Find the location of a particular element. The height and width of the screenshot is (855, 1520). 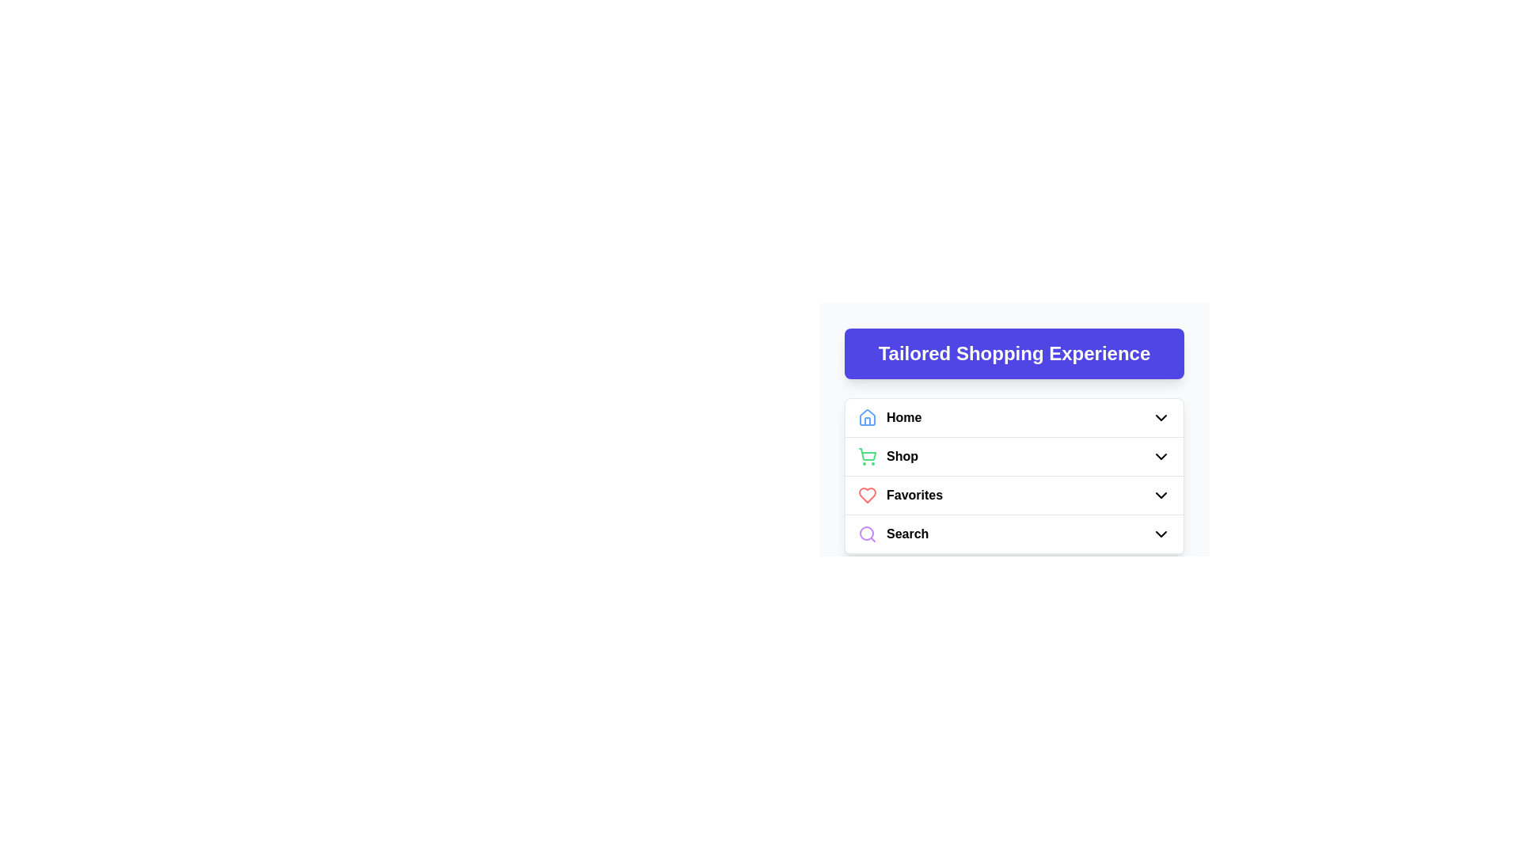

the Navigation menu section labeled 'Tailored Shopping Experience' to scroll is located at coordinates (1014, 420).